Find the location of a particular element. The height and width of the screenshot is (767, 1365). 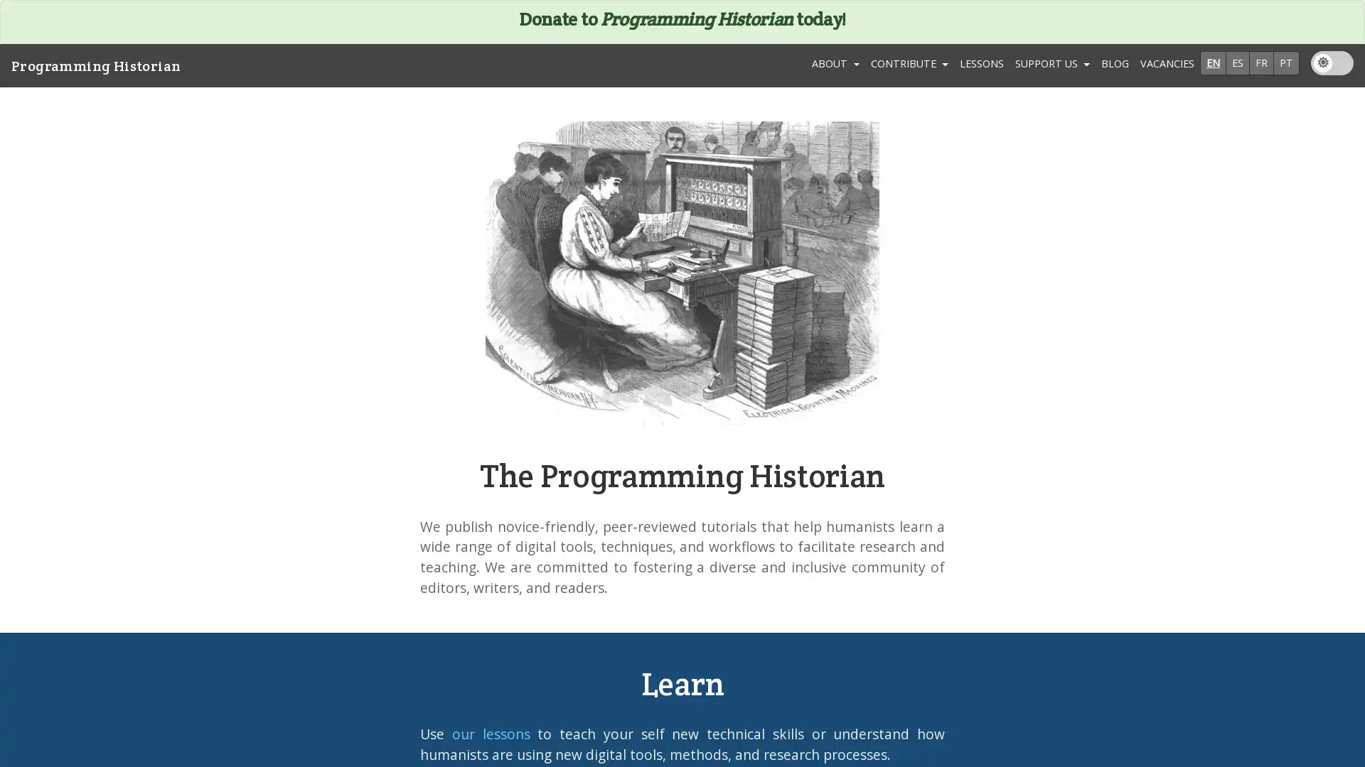

ES is located at coordinates (1237, 62).